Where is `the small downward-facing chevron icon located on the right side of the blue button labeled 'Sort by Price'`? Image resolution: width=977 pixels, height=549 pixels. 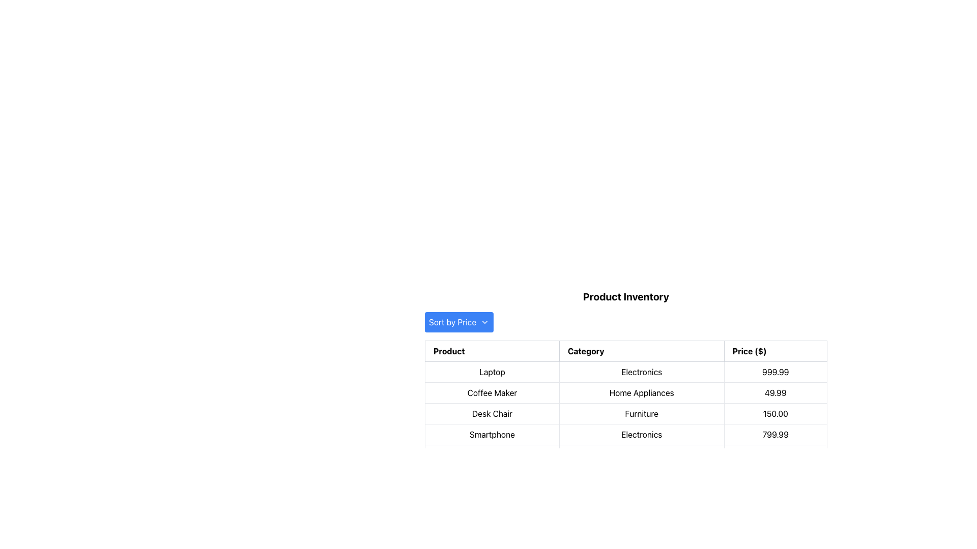
the small downward-facing chevron icon located on the right side of the blue button labeled 'Sort by Price' is located at coordinates (484, 322).